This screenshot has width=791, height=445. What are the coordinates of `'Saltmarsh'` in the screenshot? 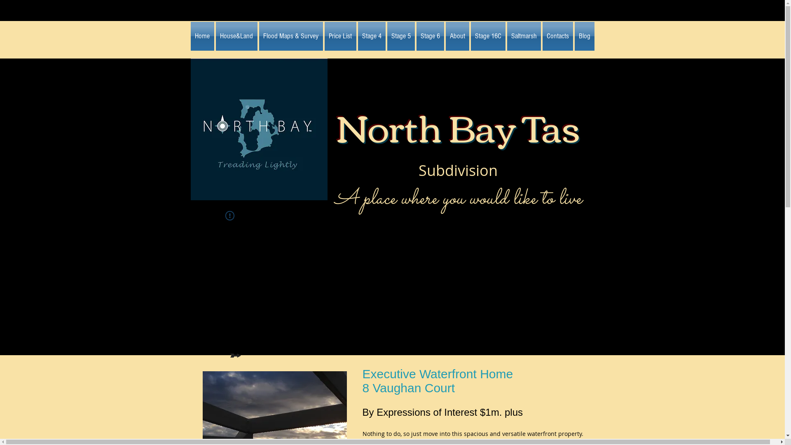 It's located at (523, 36).